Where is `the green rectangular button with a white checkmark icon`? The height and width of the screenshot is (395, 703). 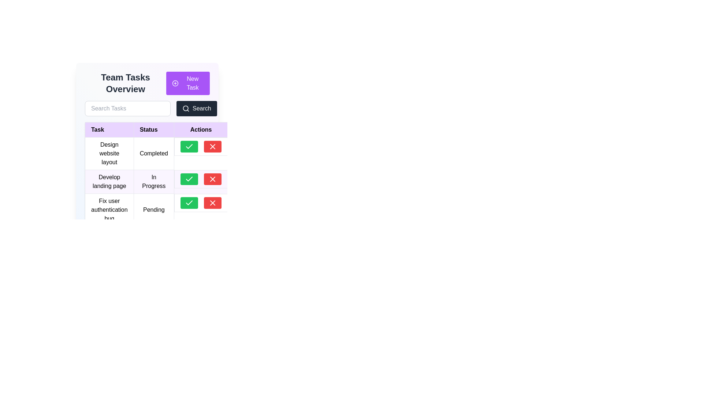 the green rectangular button with a white checkmark icon is located at coordinates (189, 203).